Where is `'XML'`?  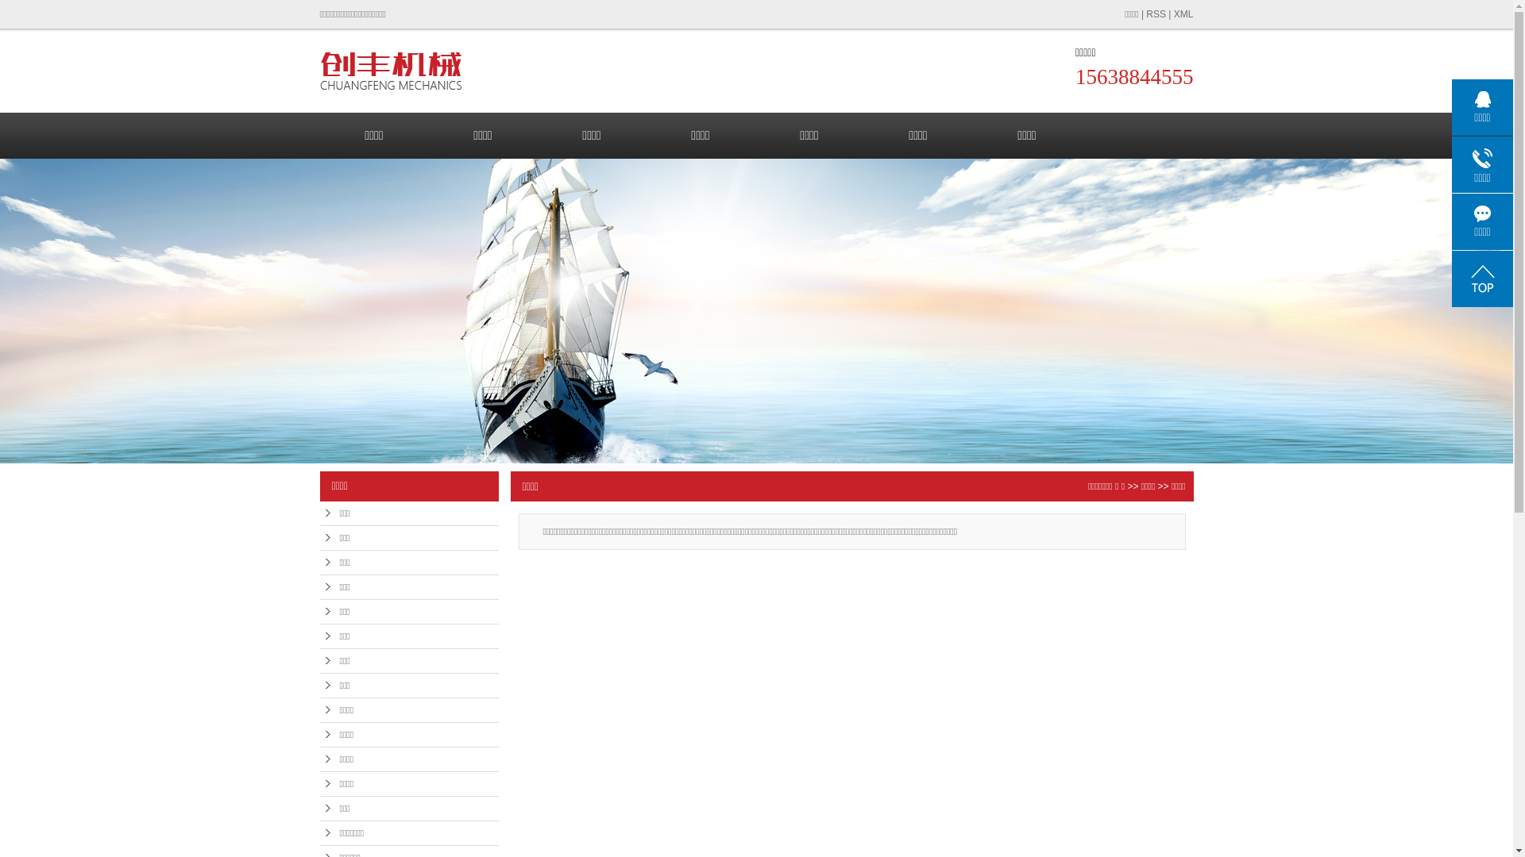 'XML' is located at coordinates (1183, 14).